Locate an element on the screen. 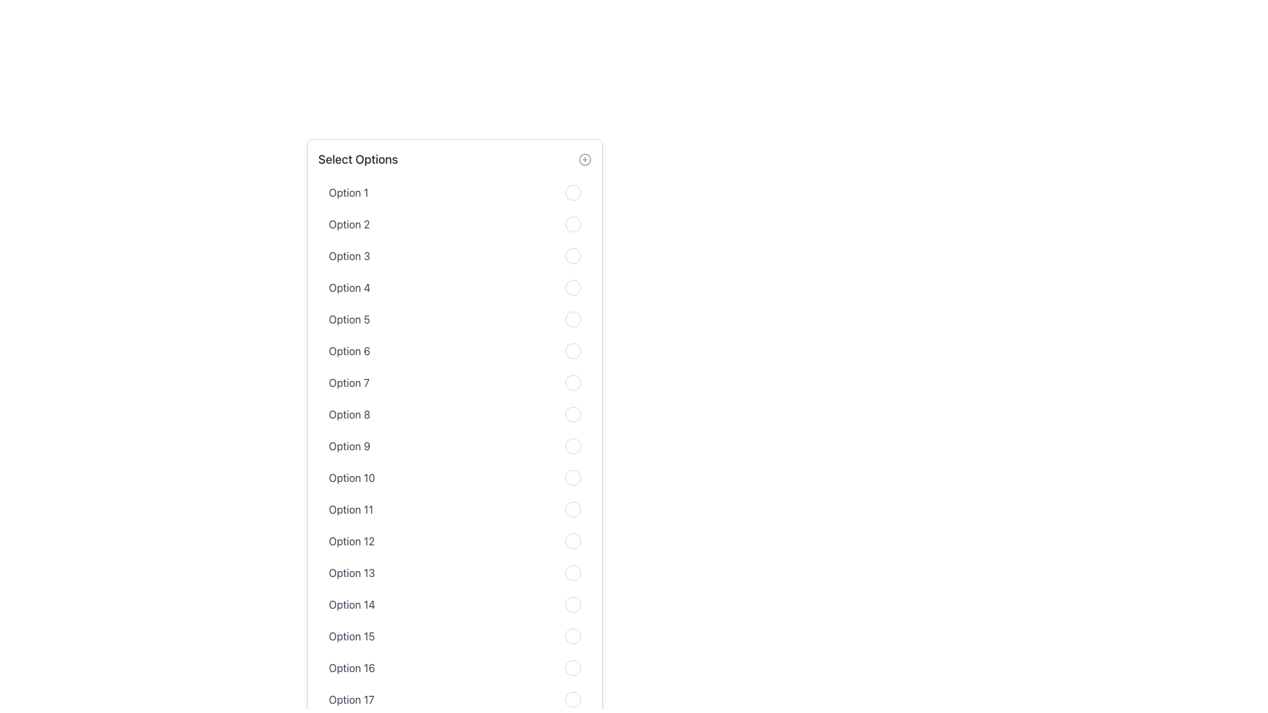  the radio button located to the far right of the list item labeled 'Option 2' is located at coordinates (573, 223).